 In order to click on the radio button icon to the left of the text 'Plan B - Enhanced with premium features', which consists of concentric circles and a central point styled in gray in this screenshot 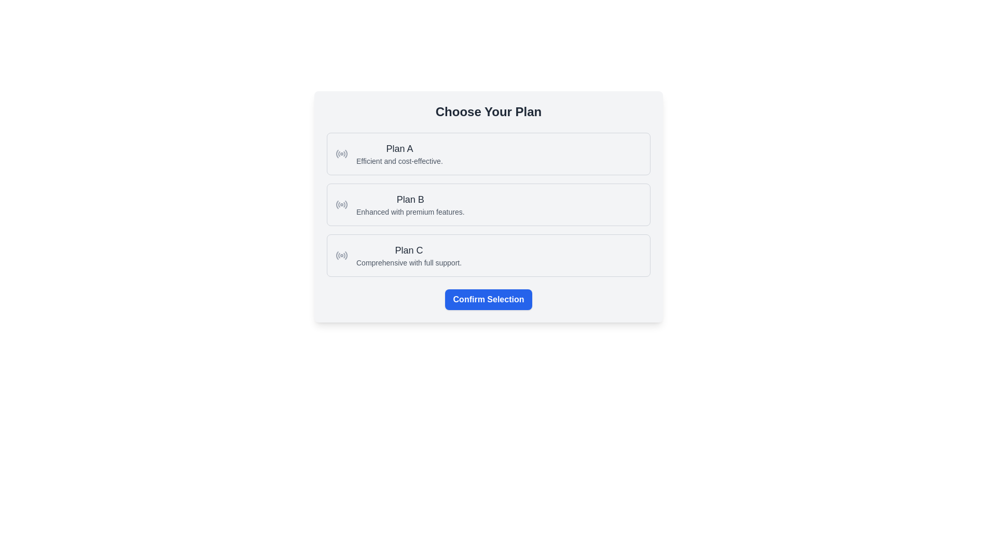, I will do `click(341, 204)`.